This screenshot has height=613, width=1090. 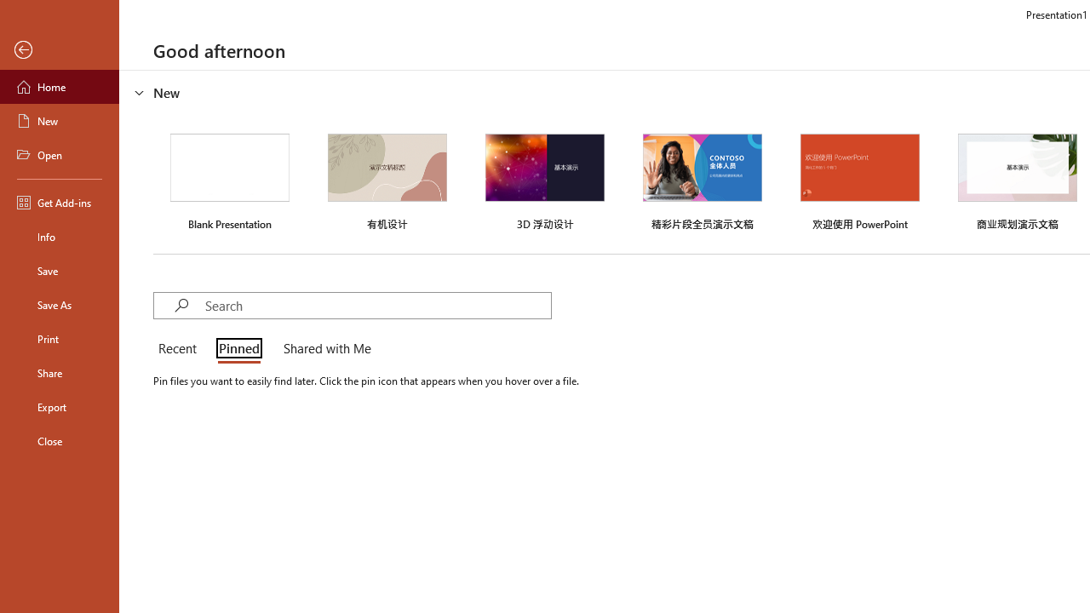 What do you see at coordinates (376, 304) in the screenshot?
I see `'Search'` at bounding box center [376, 304].